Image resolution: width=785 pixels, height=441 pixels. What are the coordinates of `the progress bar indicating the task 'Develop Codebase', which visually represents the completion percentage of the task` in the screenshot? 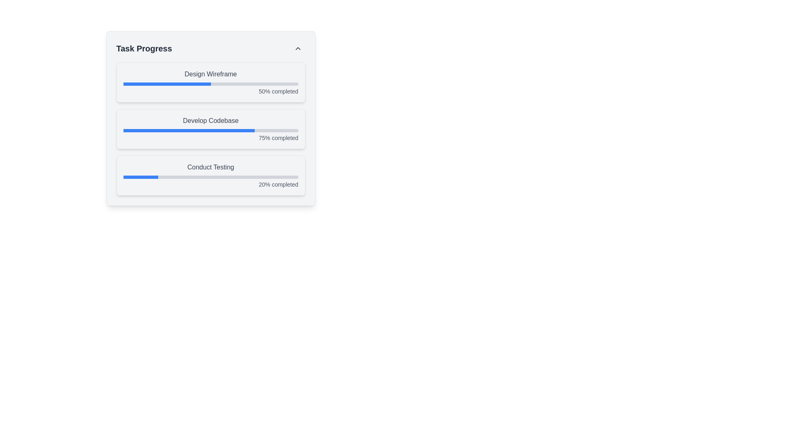 It's located at (188, 130).